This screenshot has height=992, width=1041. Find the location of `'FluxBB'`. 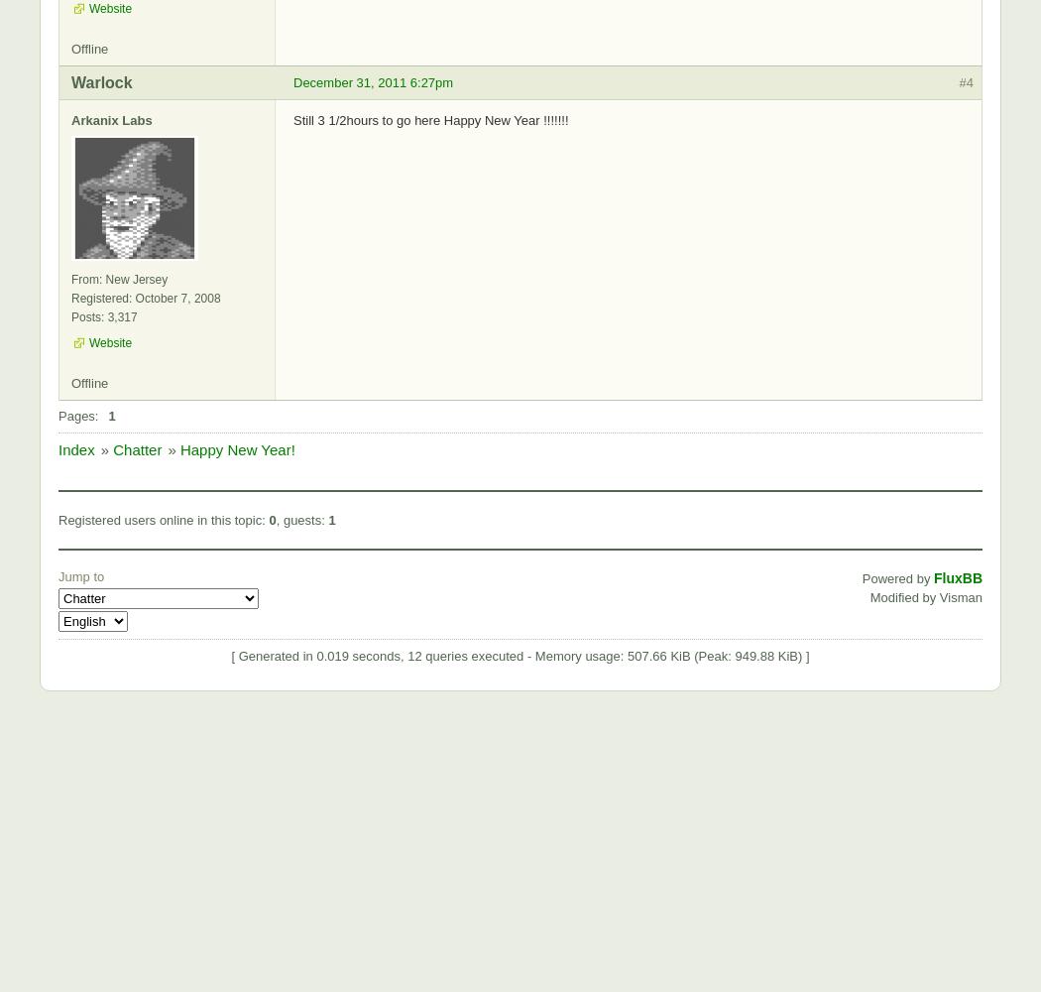

'FluxBB' is located at coordinates (957, 576).